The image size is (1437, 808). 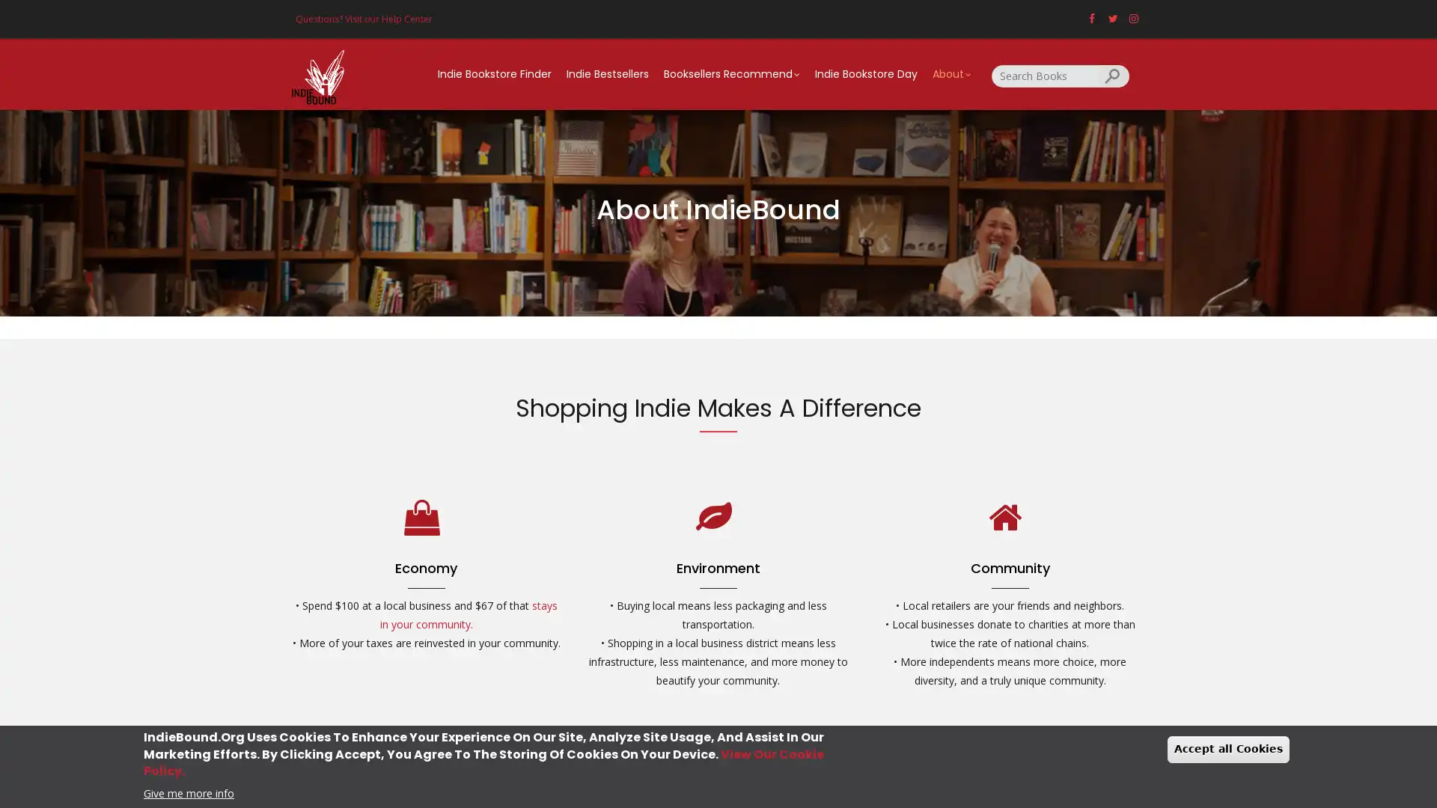 What do you see at coordinates (1114, 75) in the screenshot?
I see `Search` at bounding box center [1114, 75].